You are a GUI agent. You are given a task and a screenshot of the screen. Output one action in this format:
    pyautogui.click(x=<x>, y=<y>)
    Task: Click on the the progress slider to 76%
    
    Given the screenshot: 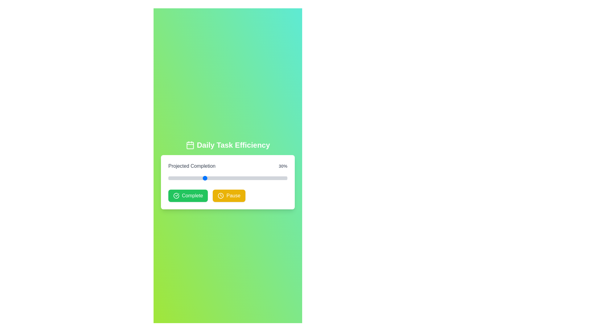 What is the action you would take?
    pyautogui.click(x=259, y=178)
    